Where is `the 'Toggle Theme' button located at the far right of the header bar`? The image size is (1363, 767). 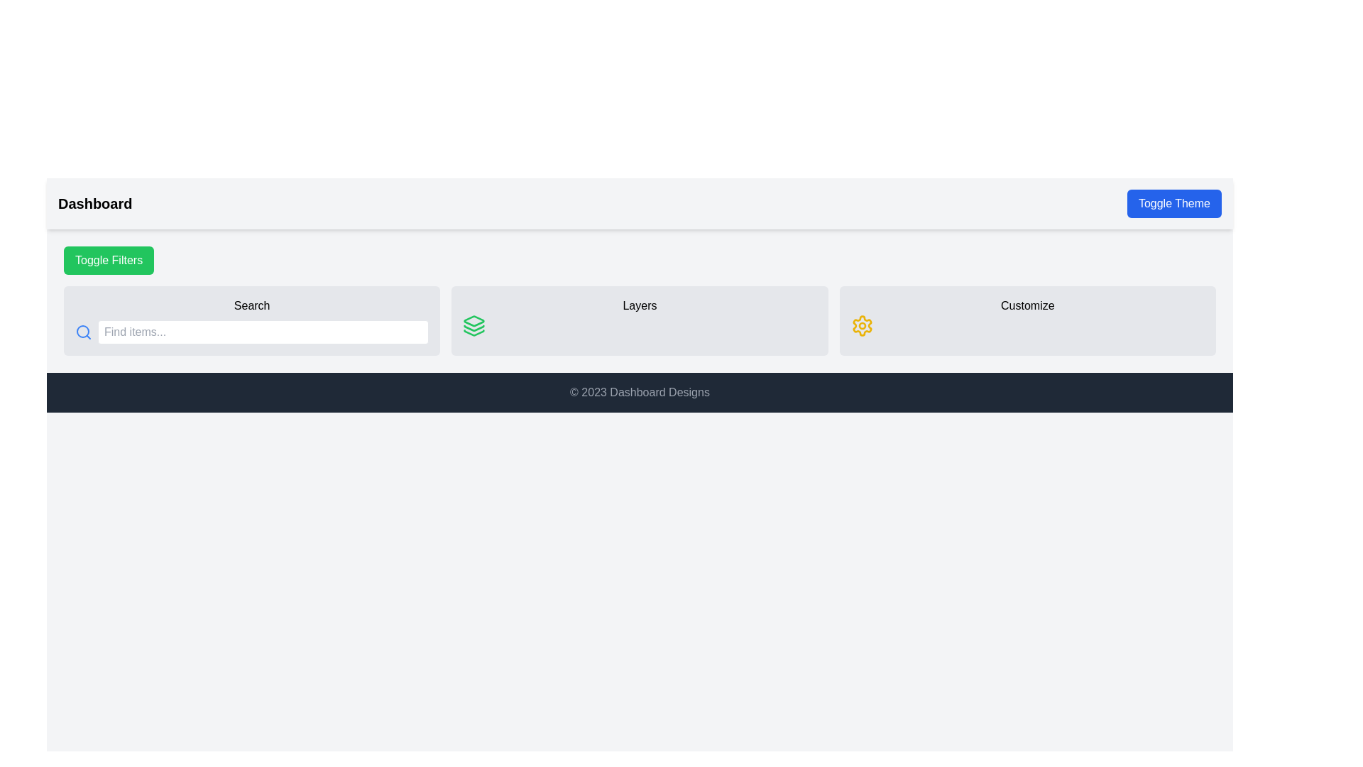
the 'Toggle Theme' button located at the far right of the header bar is located at coordinates (1174, 203).